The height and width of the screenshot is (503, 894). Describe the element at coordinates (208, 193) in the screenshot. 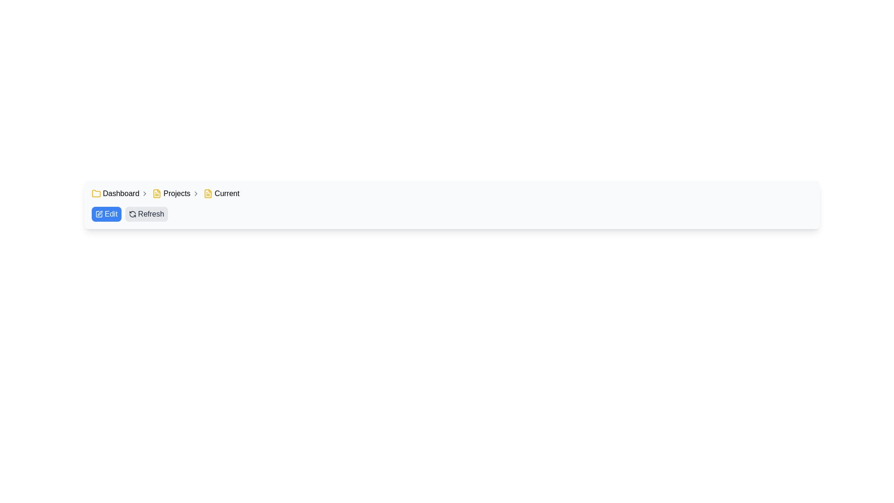

I see `the 'Current' page icon in the breadcrumb navigation bar, which is the third icon representing the current page in the navigation hierarchy` at that location.